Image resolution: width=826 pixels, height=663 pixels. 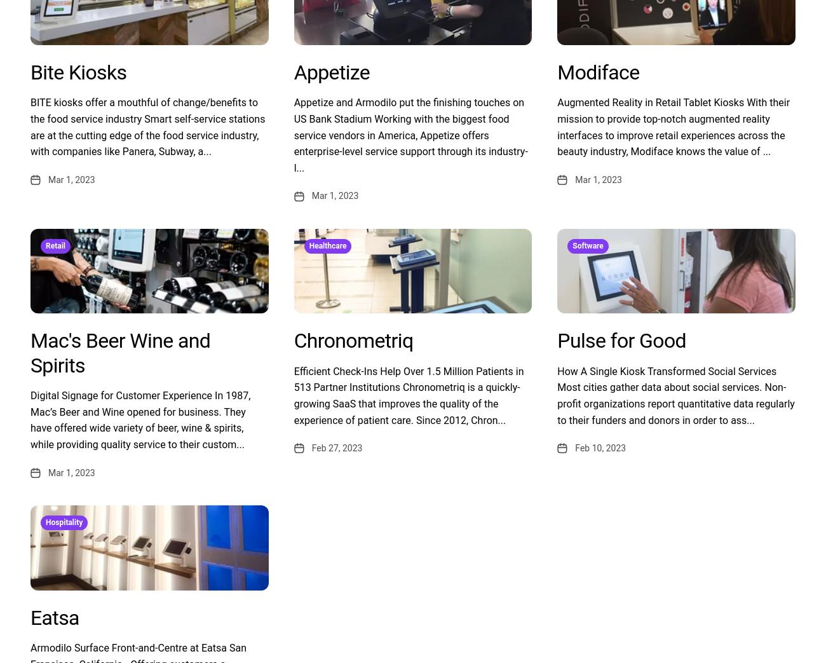 I want to click on 'How A Single Kiosk Transformed Social Services
Most cities gather data about social services. Non-profit organizations report quantitative data regularly to their funders and donors in order to ass...', so click(x=556, y=395).